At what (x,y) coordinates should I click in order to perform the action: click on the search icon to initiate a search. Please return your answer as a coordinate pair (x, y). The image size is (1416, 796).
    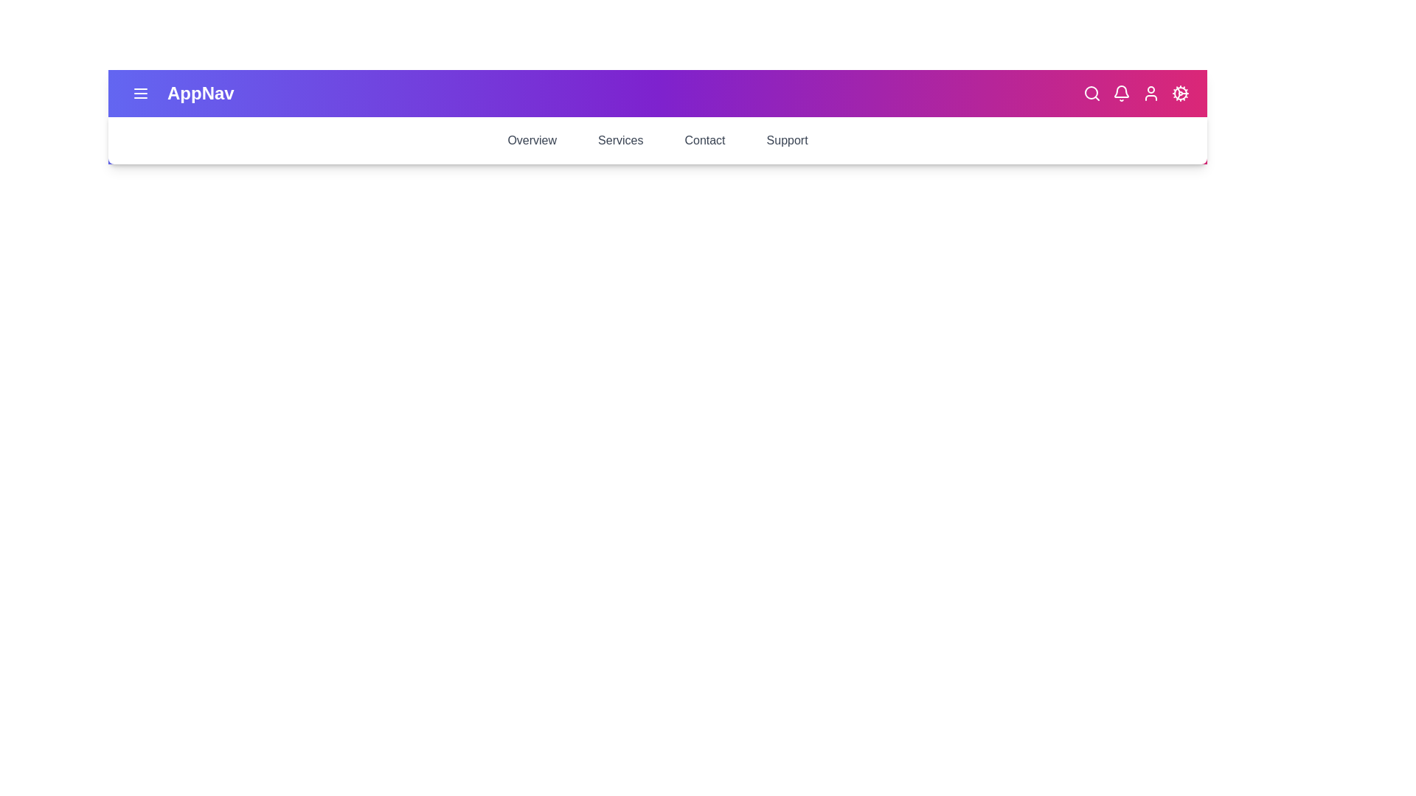
    Looking at the image, I should click on (1092, 94).